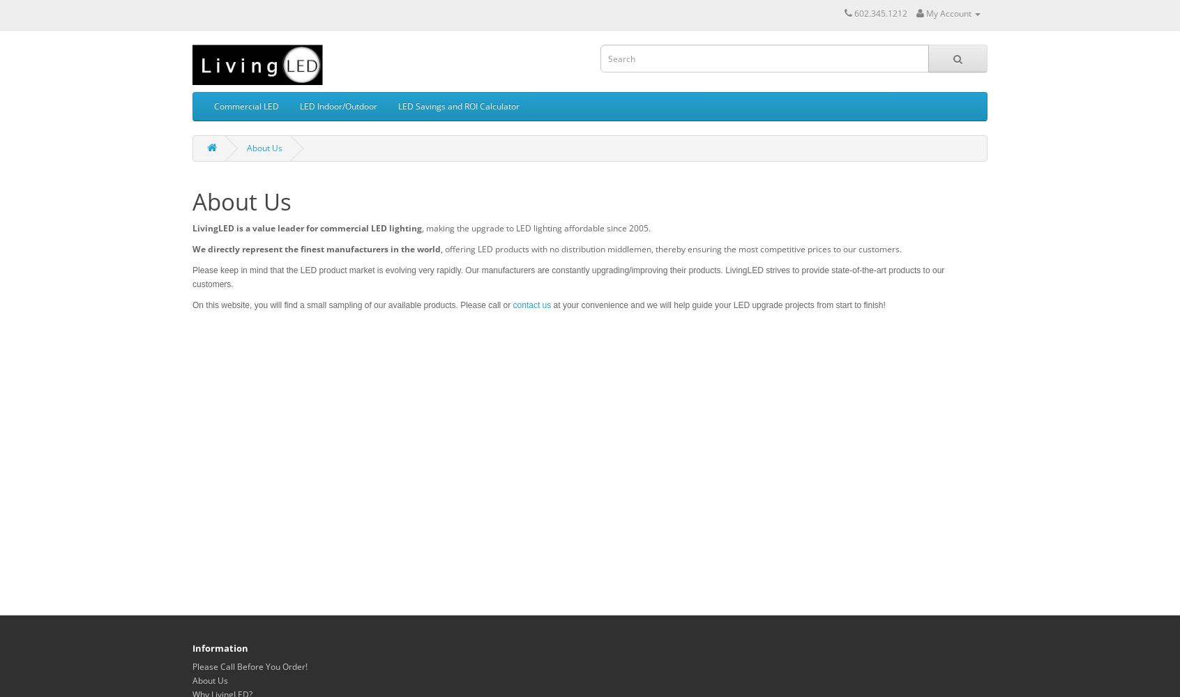 The height and width of the screenshot is (697, 1180). Describe the element at coordinates (568, 277) in the screenshot. I see `'Please keep in mind that the LED product market is evolving very rapidly. Our manufacturers are constantly upgrading/improving their products. LivingLED strives to provide state-of-the-art products to our customers.'` at that location.